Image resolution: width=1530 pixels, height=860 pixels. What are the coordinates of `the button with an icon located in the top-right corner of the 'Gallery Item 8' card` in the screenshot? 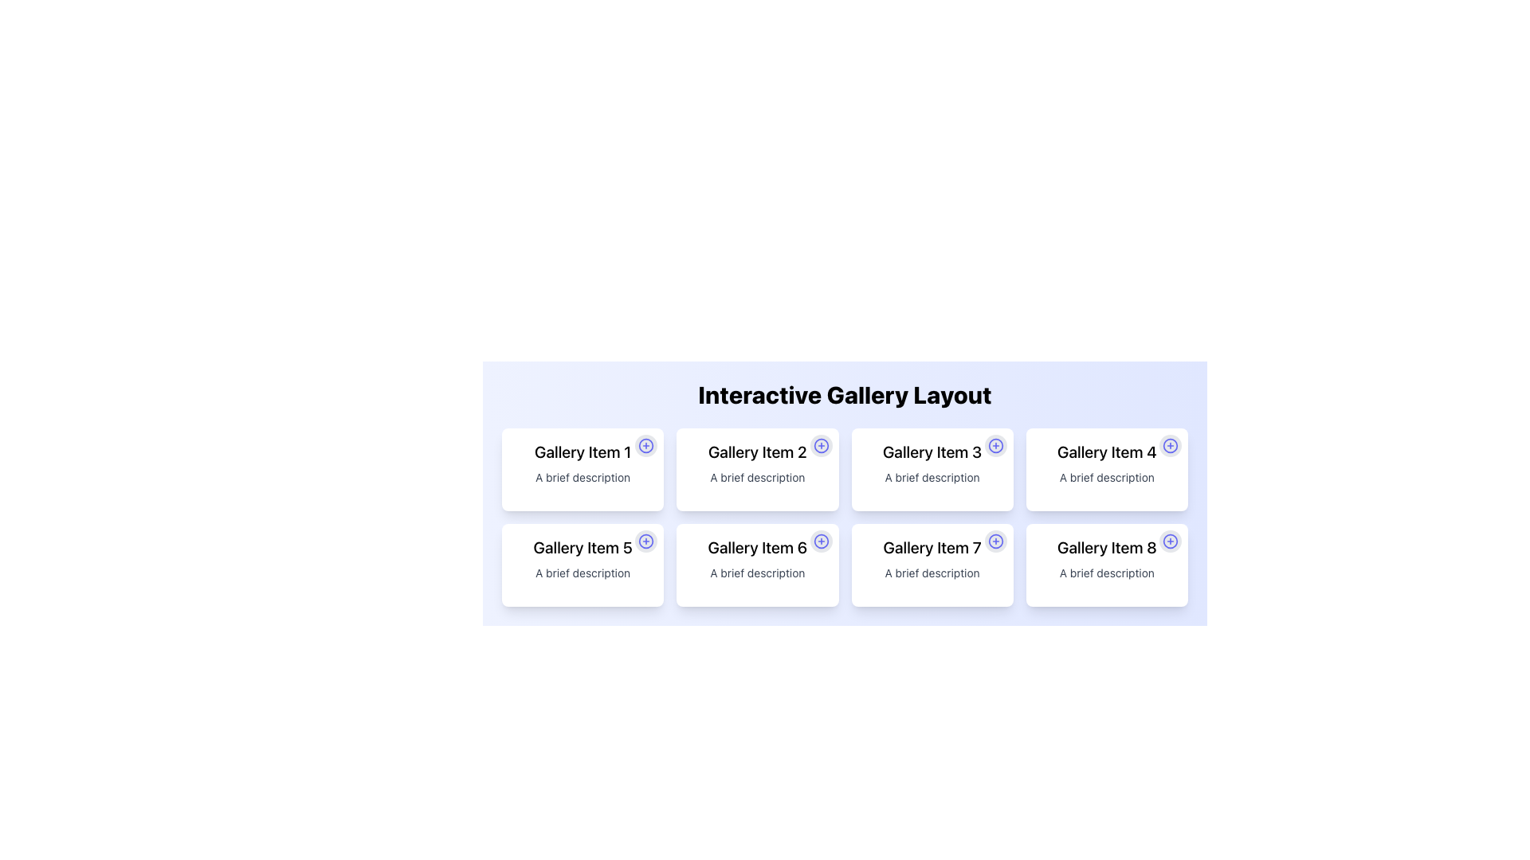 It's located at (1170, 540).